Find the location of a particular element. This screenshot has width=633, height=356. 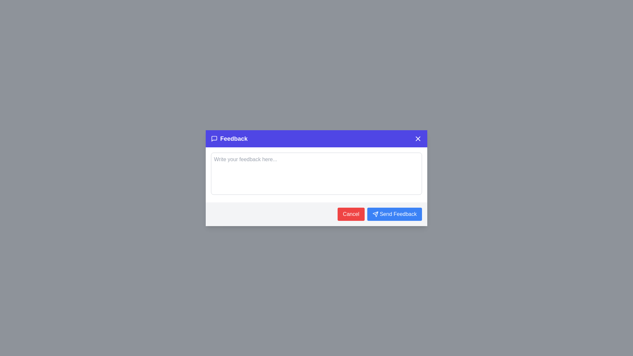

the 'Send Feedback' button to submit the feedback is located at coordinates (394, 214).